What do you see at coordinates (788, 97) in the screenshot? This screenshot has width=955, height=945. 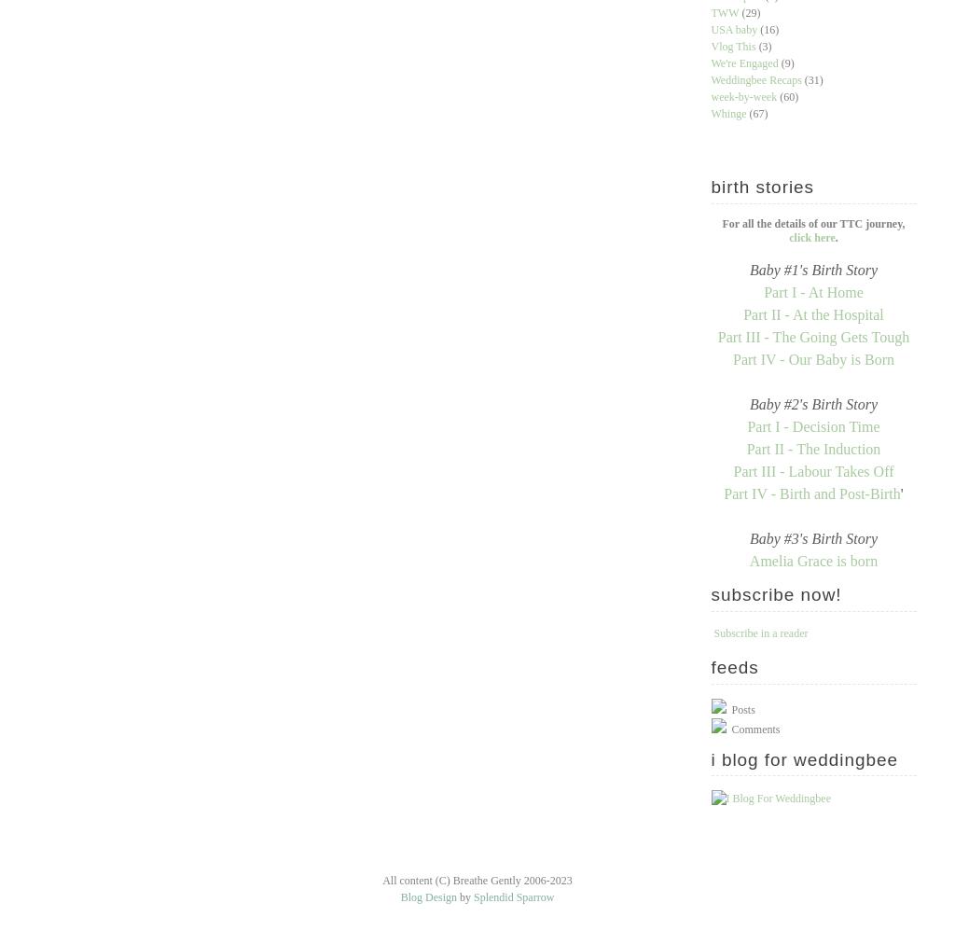 I see `'(60)'` at bounding box center [788, 97].